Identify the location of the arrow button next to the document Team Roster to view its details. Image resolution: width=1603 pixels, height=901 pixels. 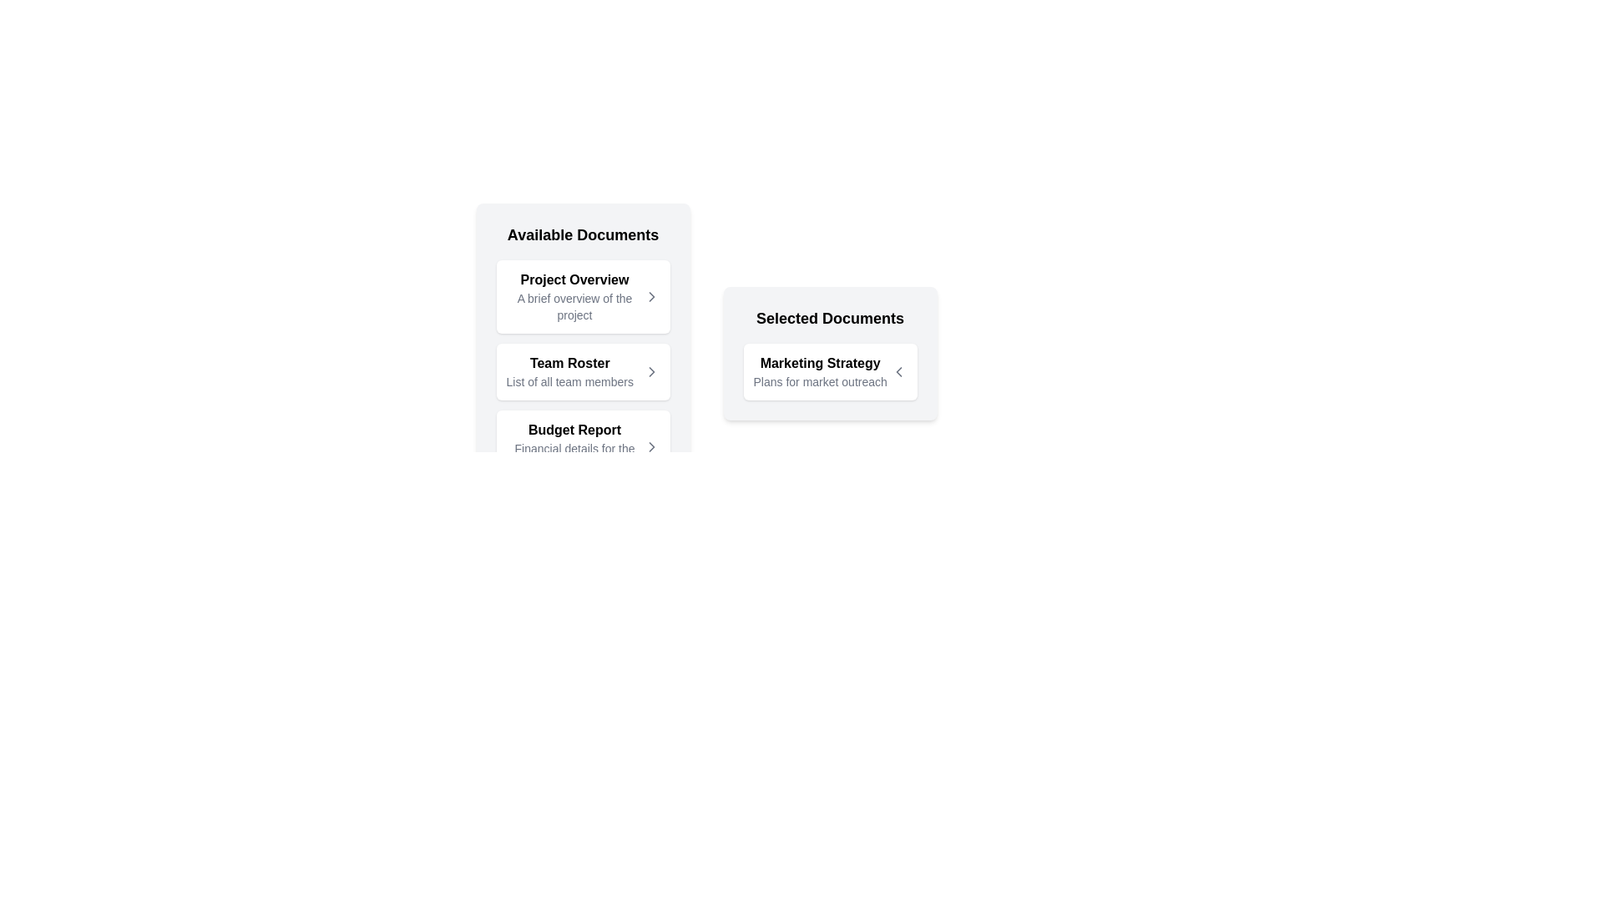
(650, 371).